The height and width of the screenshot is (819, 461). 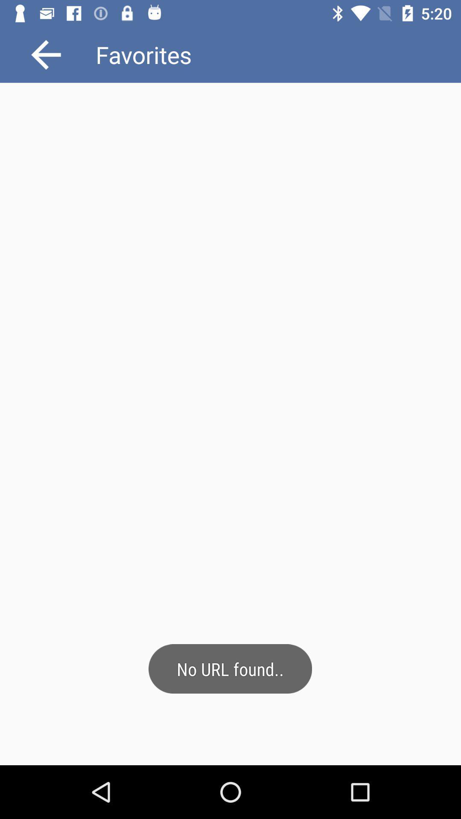 I want to click on back, so click(x=46, y=54).